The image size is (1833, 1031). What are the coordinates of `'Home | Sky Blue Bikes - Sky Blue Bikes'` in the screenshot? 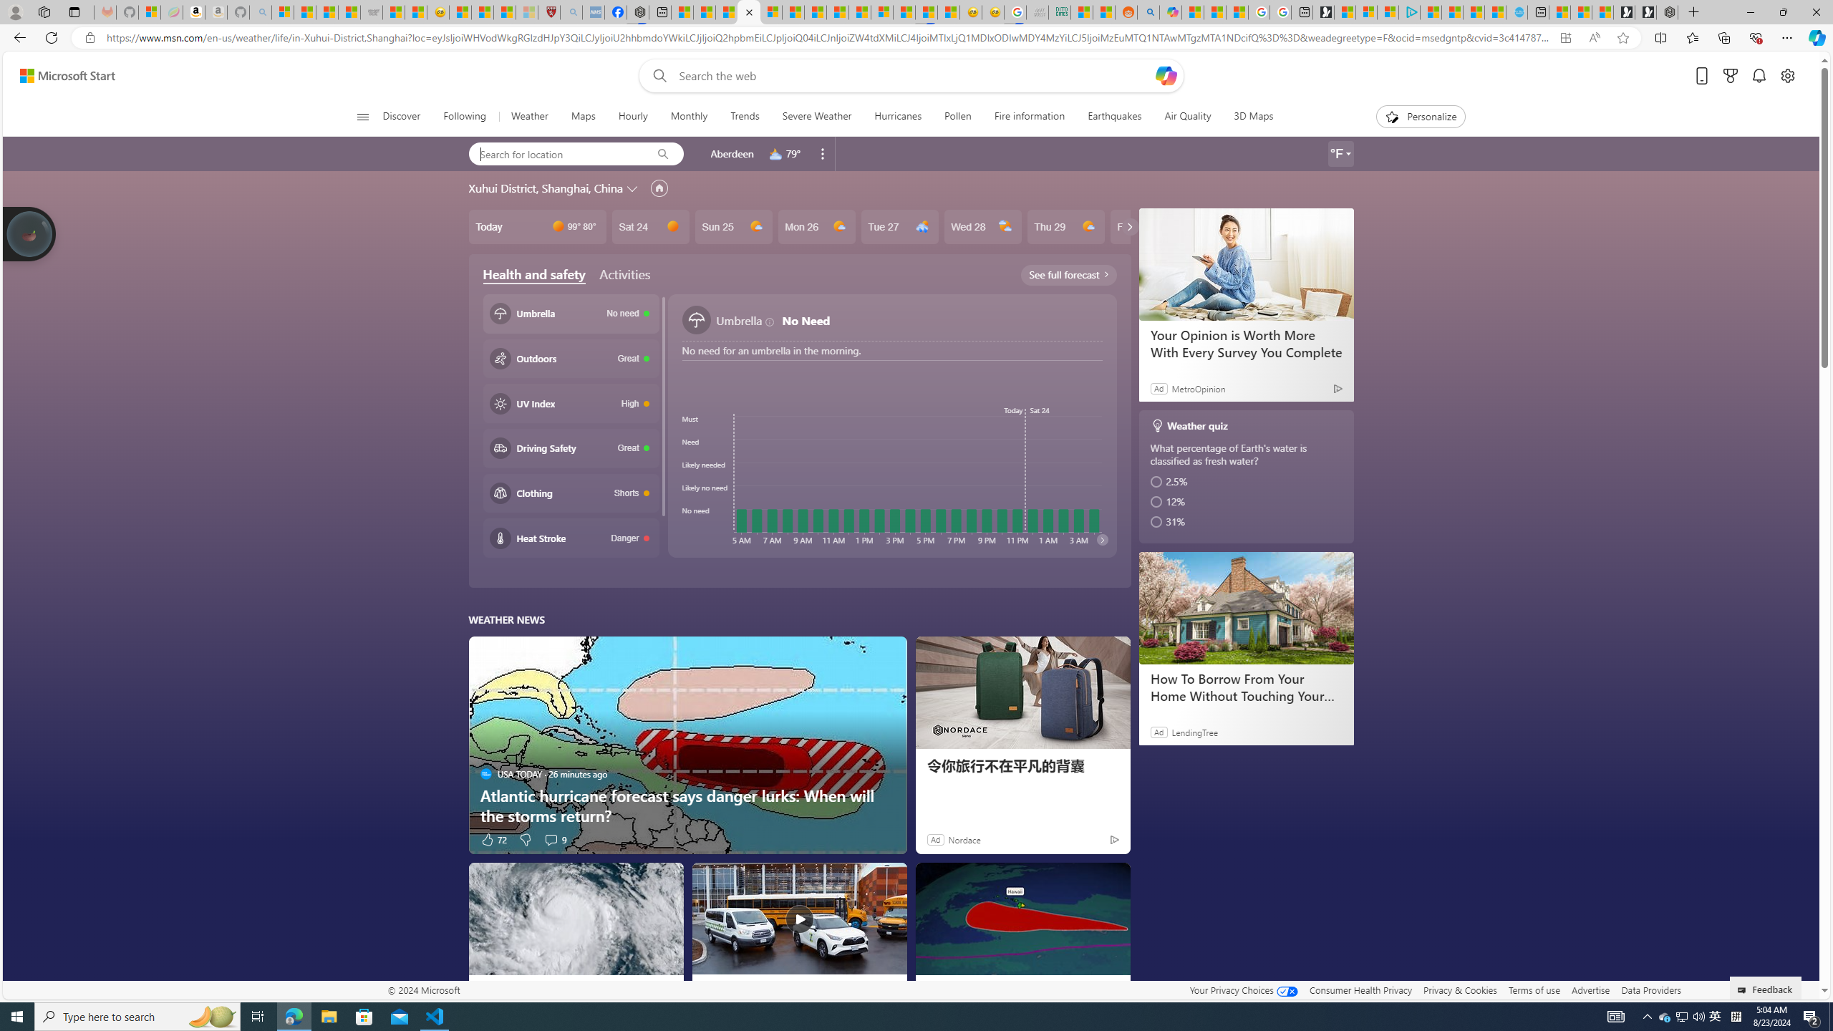 It's located at (1516, 11).